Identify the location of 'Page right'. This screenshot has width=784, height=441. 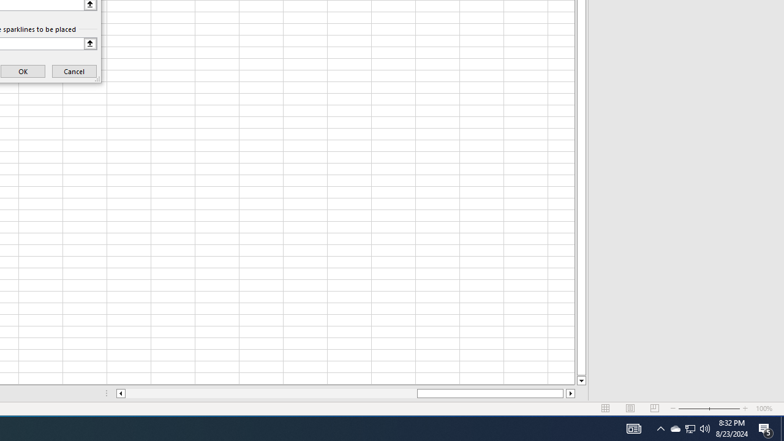
(564, 393).